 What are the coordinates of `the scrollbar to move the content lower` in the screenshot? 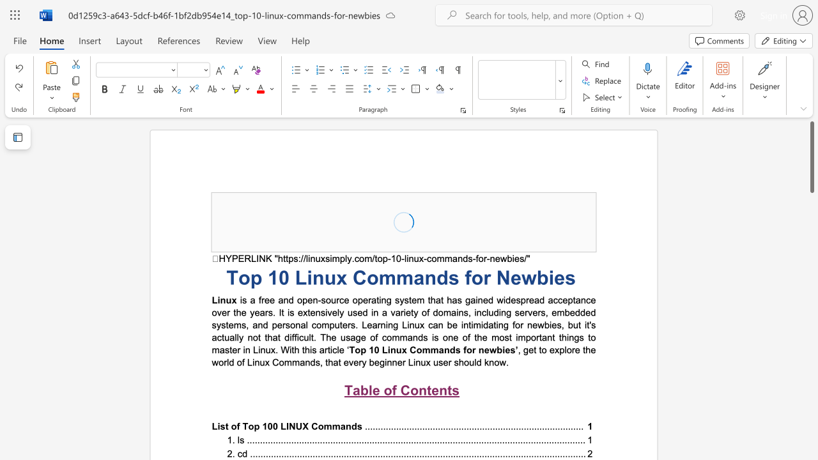 It's located at (811, 318).